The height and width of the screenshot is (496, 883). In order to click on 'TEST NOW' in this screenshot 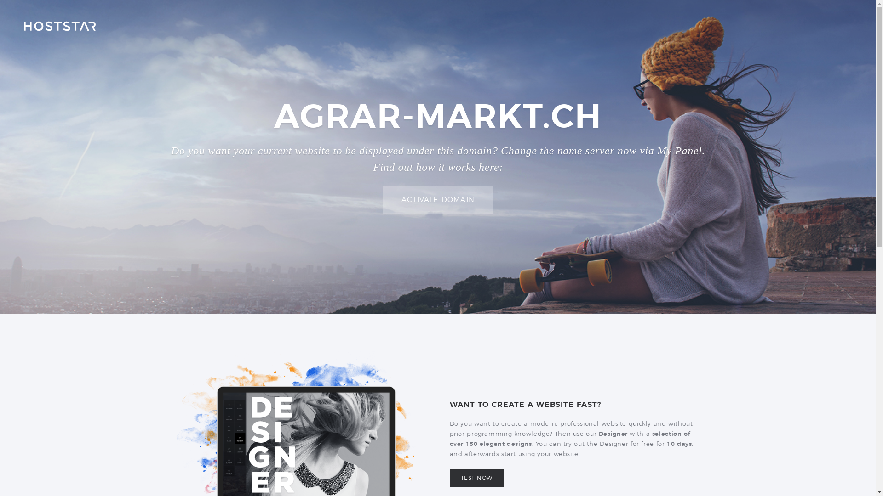, I will do `click(476, 478)`.